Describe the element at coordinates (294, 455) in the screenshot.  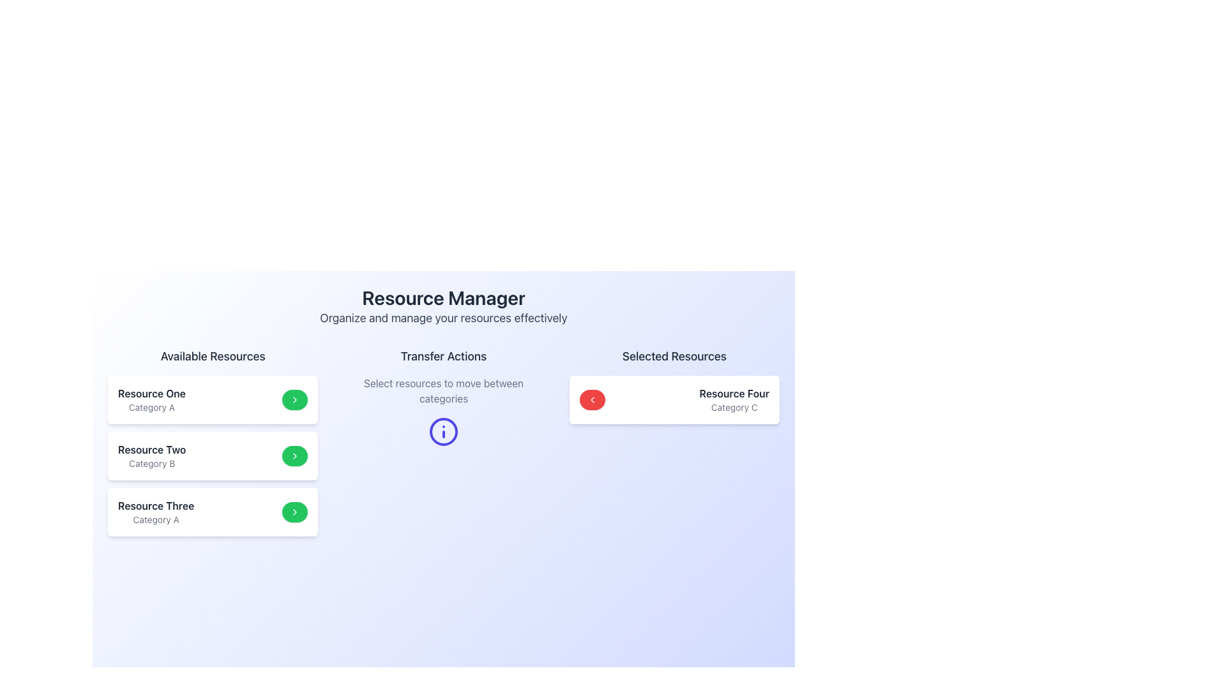
I see `the chevron icon within the circular green button located on the right side of the 'Resource Two' entry in the 'Available Resources' section` at that location.